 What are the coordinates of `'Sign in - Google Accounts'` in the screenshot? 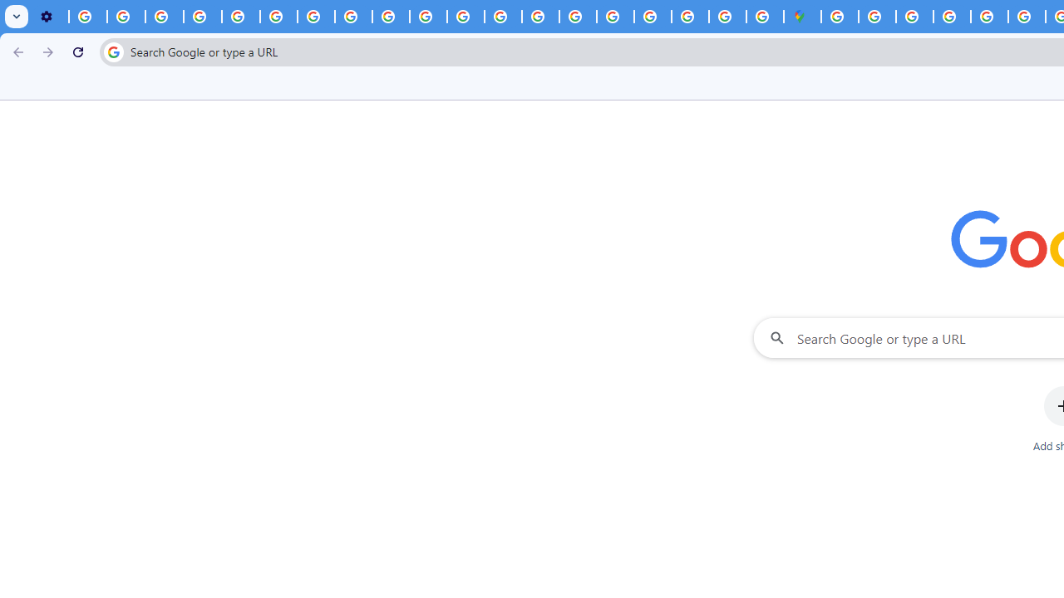 It's located at (840, 17).